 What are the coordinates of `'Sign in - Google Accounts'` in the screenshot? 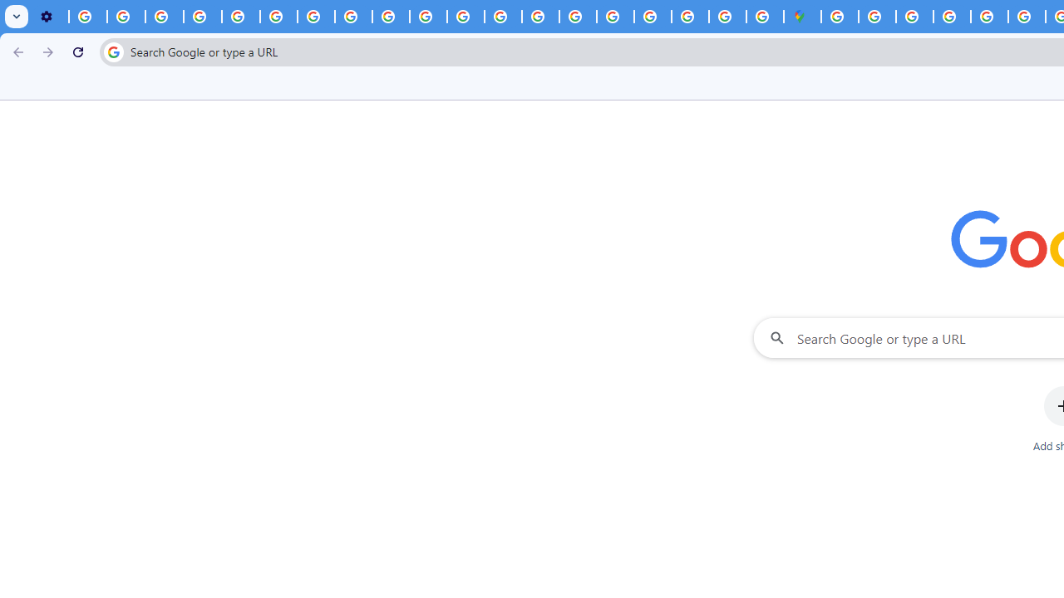 It's located at (840, 17).